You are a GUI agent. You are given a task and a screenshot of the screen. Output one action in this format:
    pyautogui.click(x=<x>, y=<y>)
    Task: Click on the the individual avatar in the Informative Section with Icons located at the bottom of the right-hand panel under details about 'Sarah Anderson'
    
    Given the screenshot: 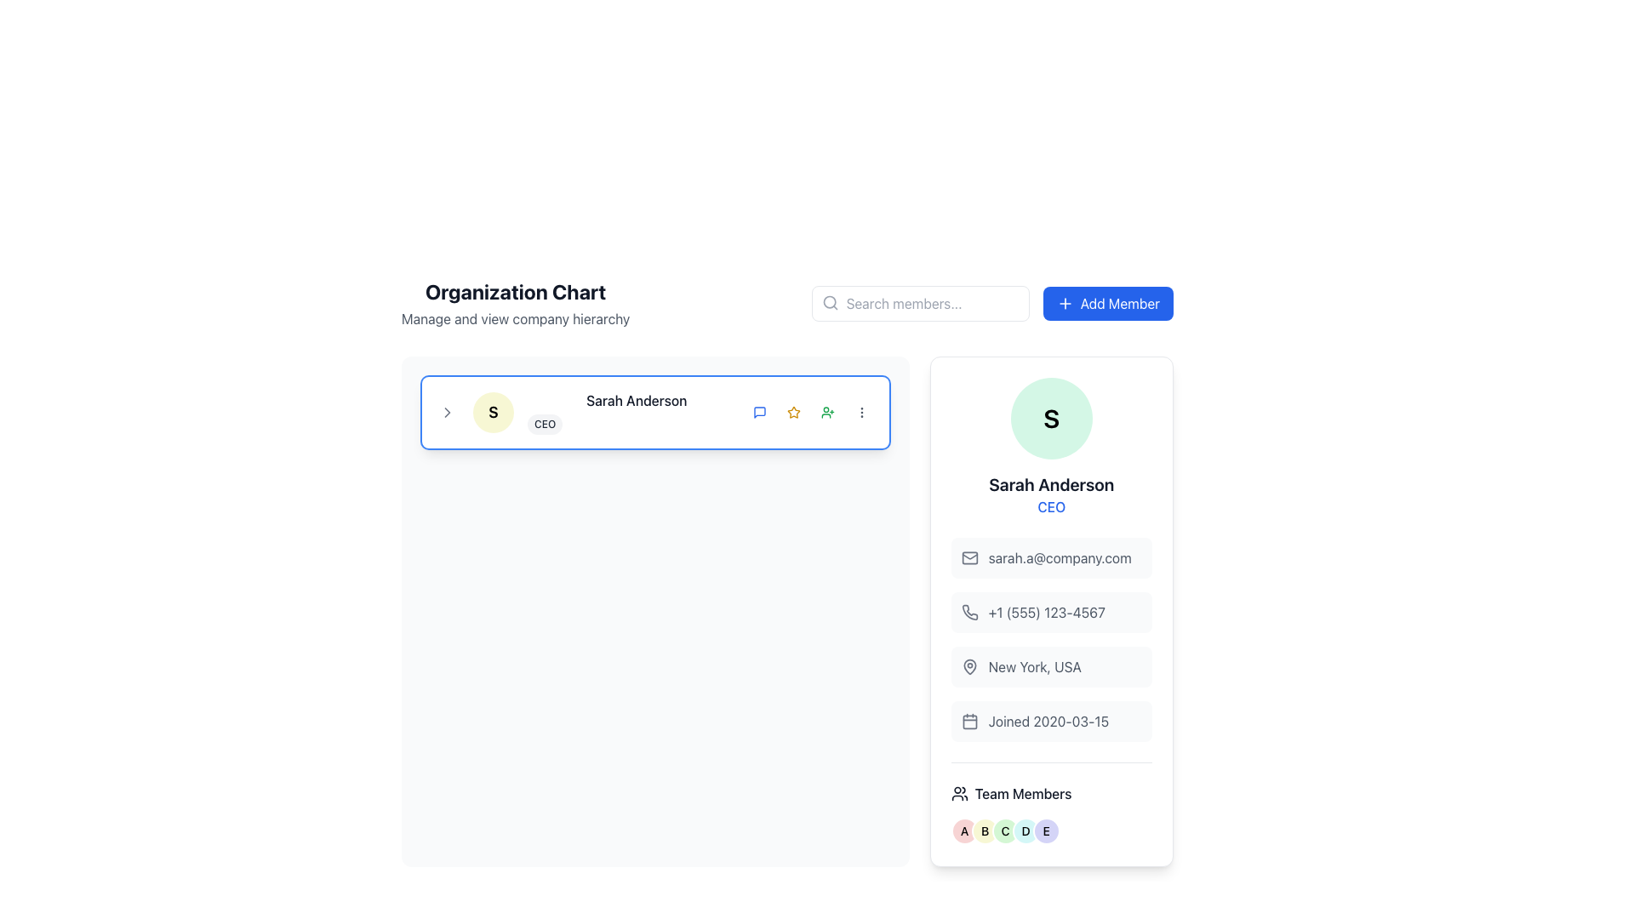 What is the action you would take?
    pyautogui.click(x=1050, y=803)
    